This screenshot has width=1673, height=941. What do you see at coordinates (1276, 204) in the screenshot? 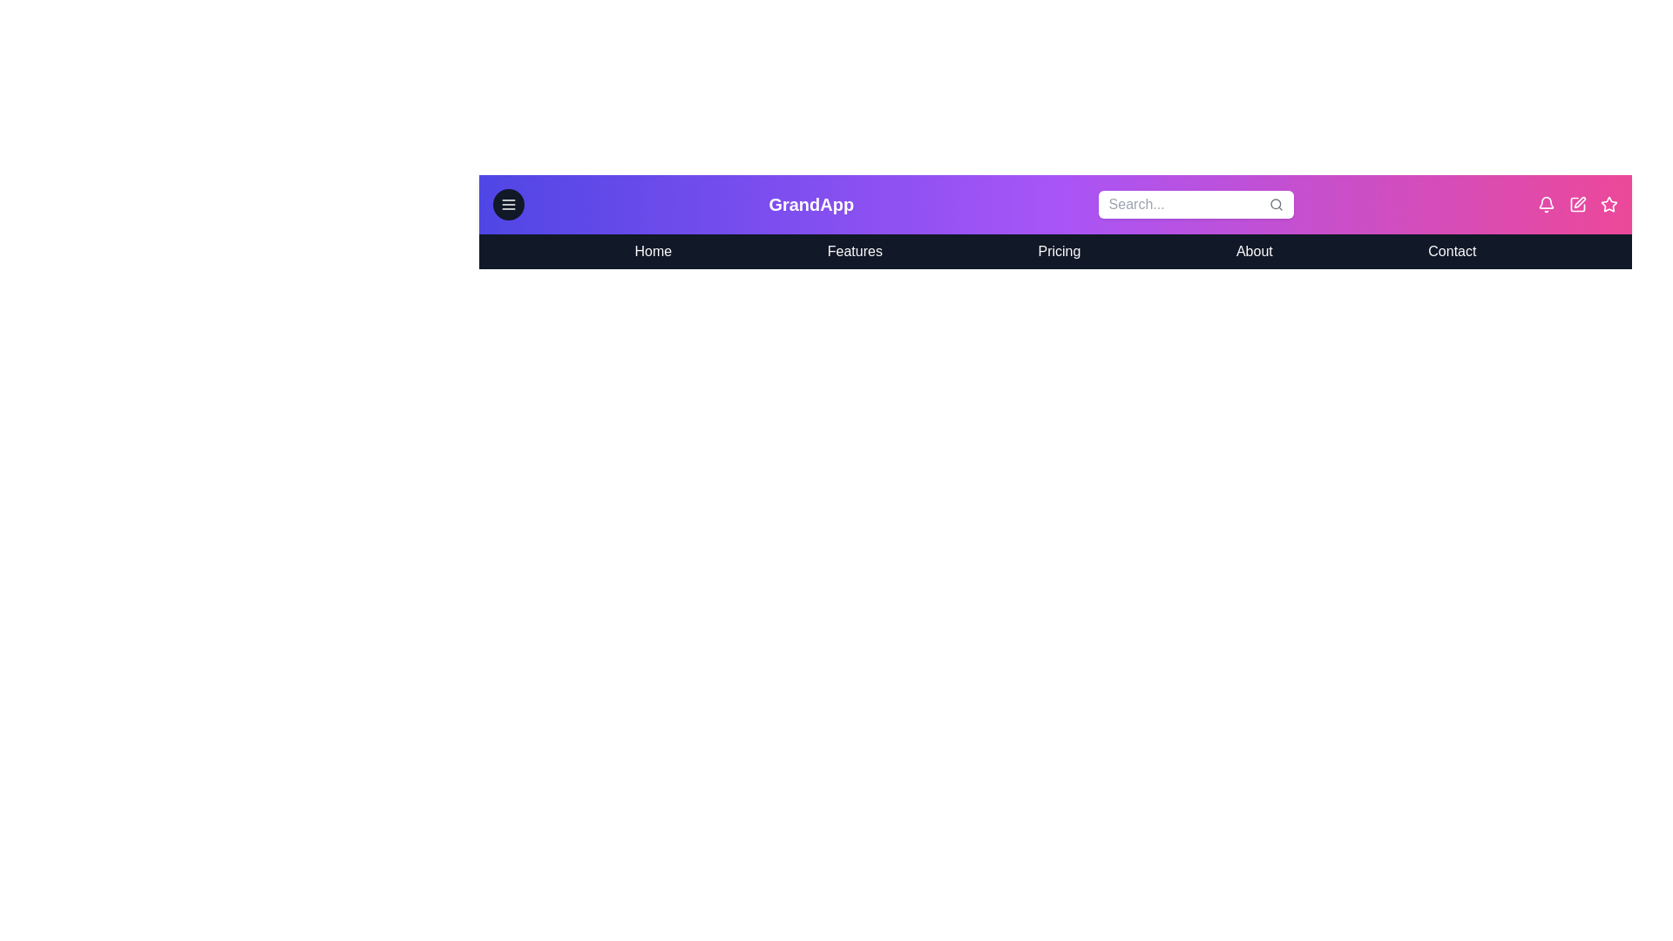
I see `the search icon located in the top-right corner of the app bar` at bounding box center [1276, 204].